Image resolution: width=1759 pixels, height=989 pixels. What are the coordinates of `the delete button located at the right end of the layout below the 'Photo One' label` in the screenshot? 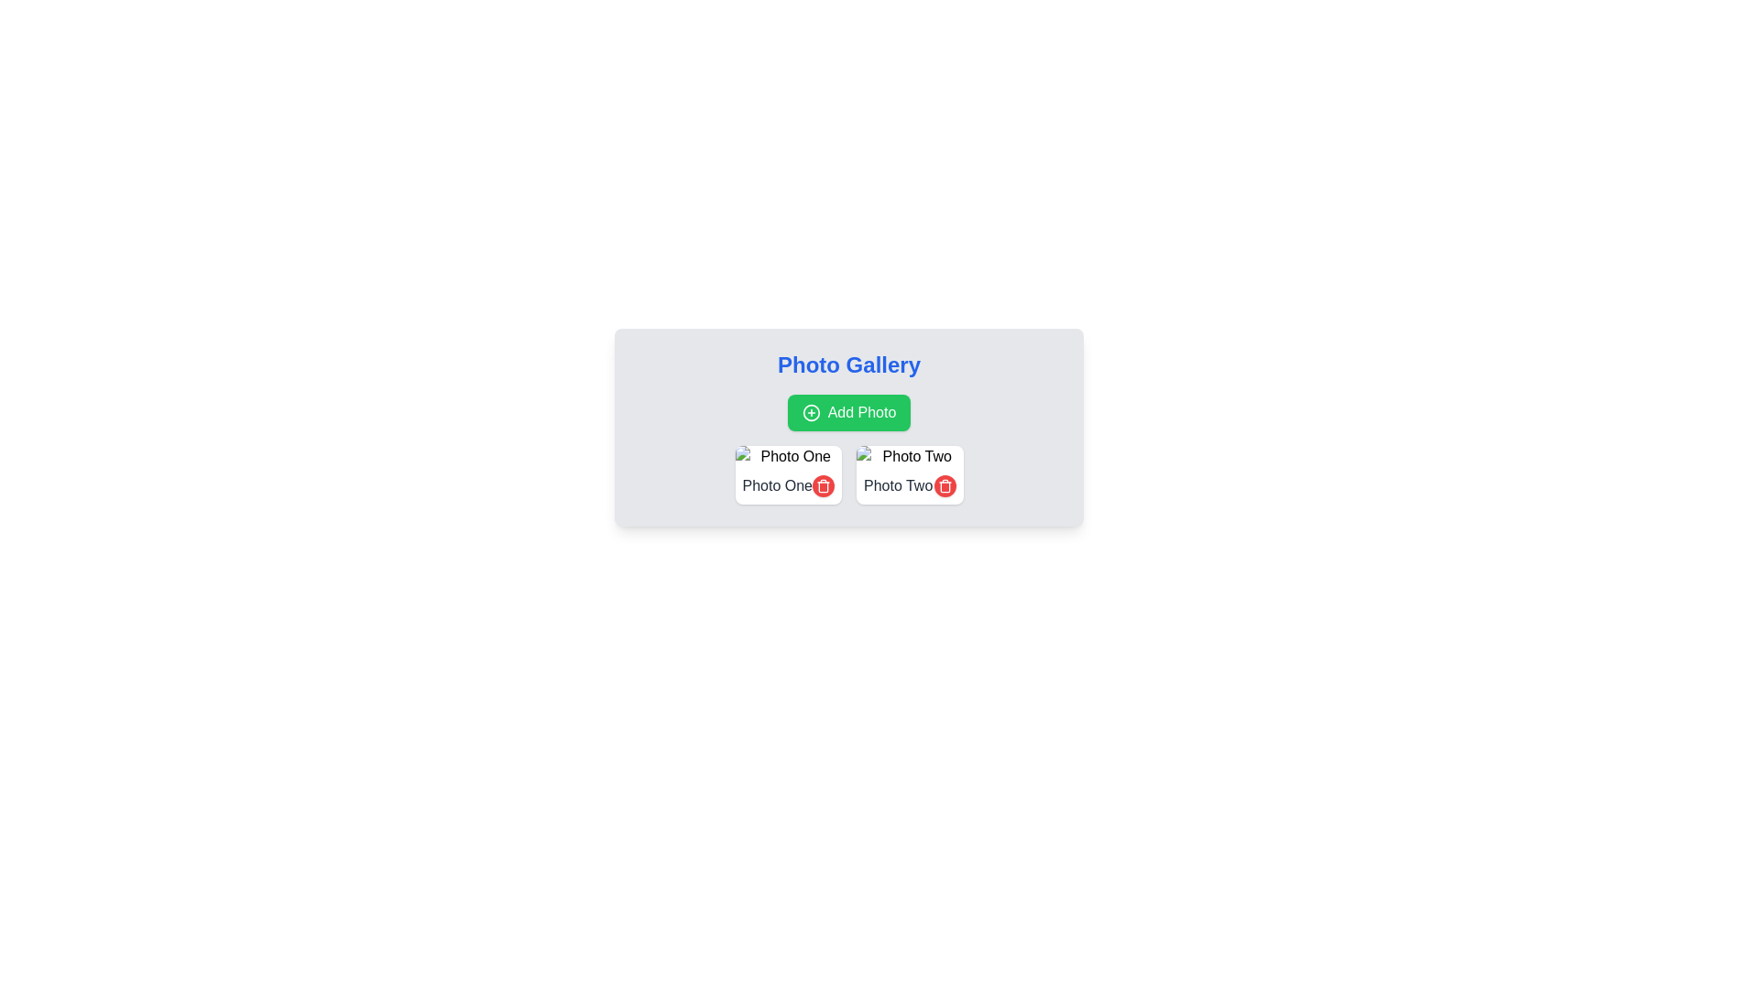 It's located at (822, 485).